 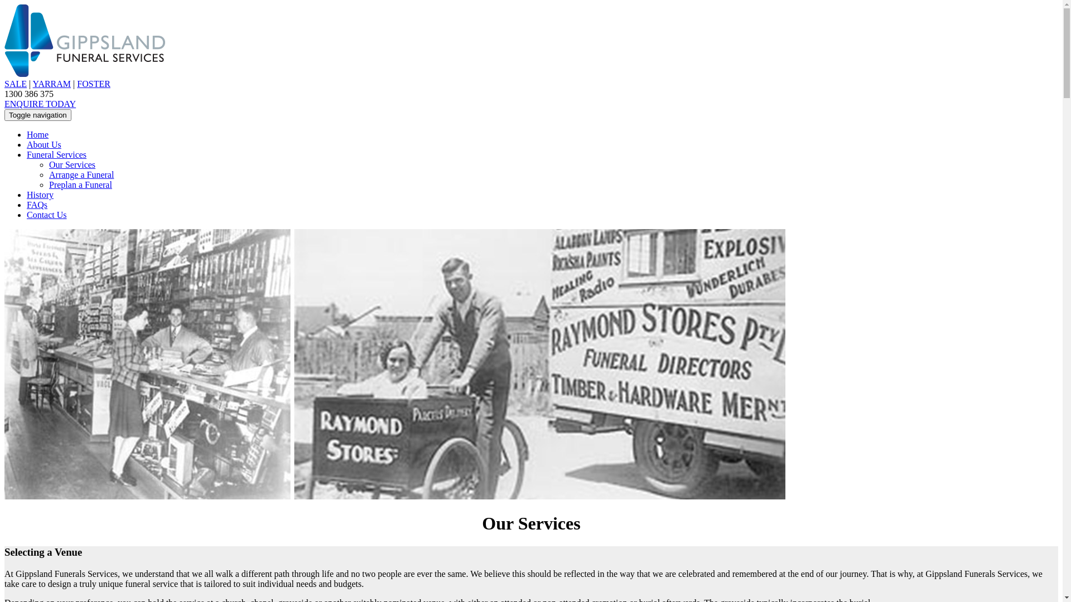 I want to click on 'Toggle navigation', so click(x=4, y=115).